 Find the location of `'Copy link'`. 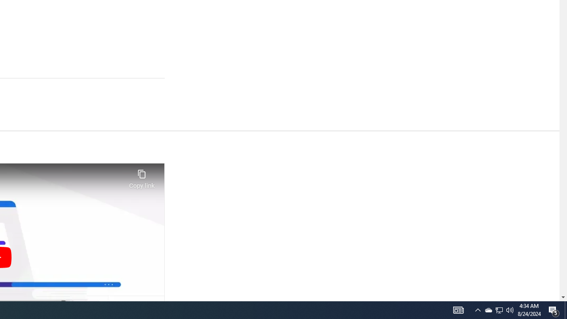

'Copy link' is located at coordinates (142, 176).